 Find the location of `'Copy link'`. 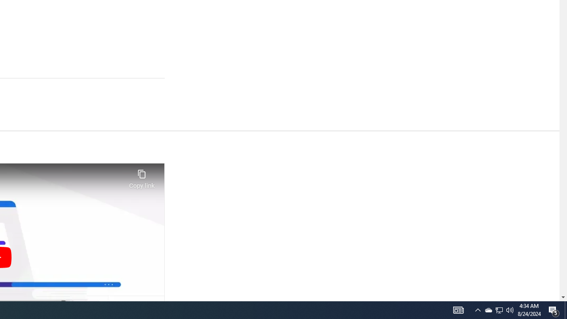

'Copy link' is located at coordinates (142, 176).